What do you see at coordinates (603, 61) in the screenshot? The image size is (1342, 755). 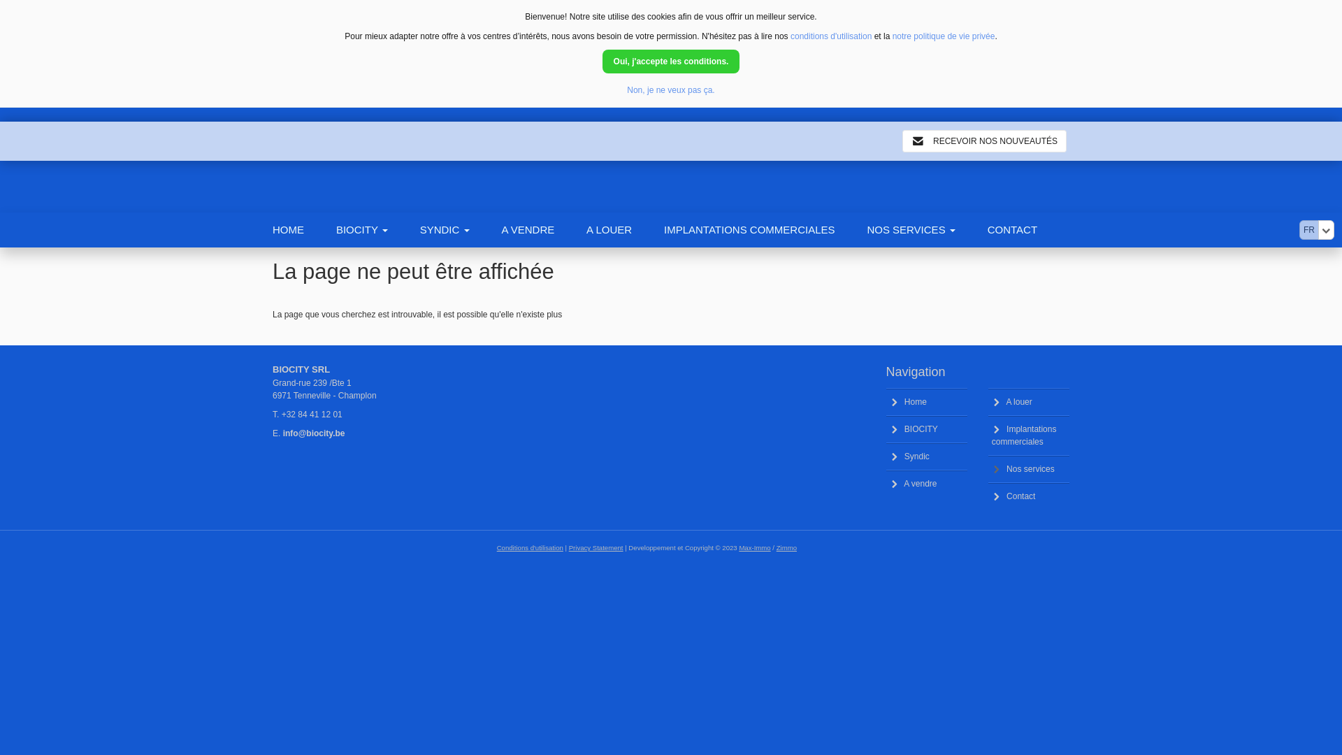 I see `'Oui, j'accepte les conditions.'` at bounding box center [603, 61].